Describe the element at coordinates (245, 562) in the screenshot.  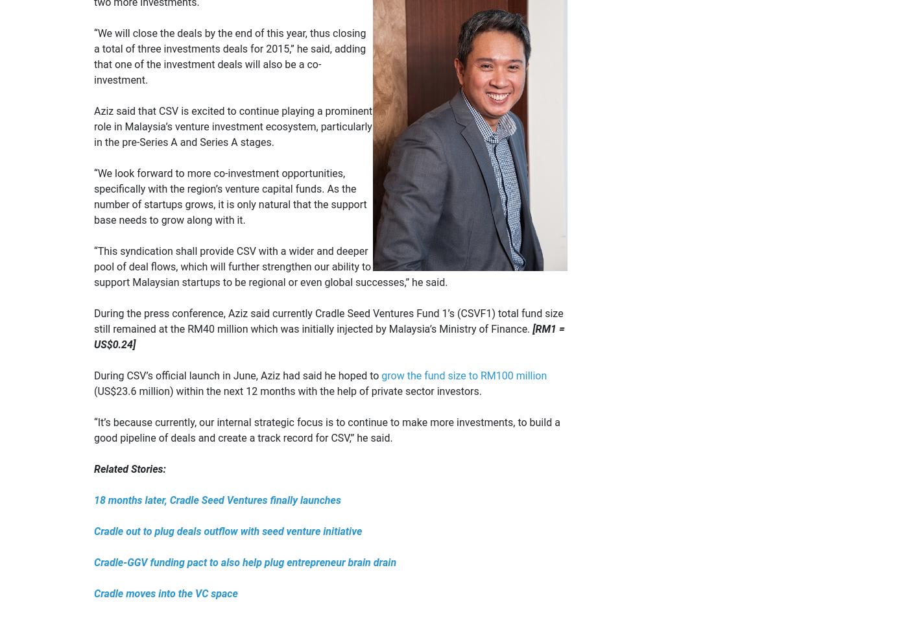
I see `'Cradle-GGV funding pact to also help plug entrepreneur brain drain'` at that location.